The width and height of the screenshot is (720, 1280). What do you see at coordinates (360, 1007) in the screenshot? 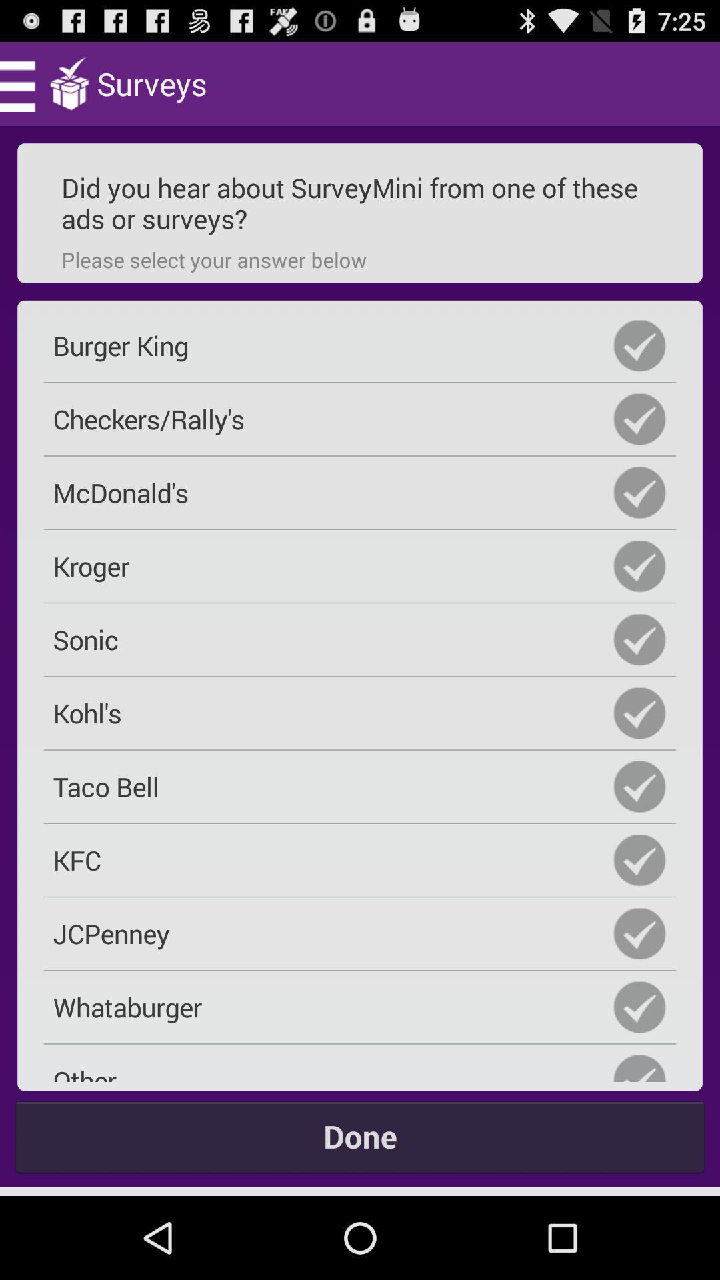
I see `item above the other icon` at bounding box center [360, 1007].